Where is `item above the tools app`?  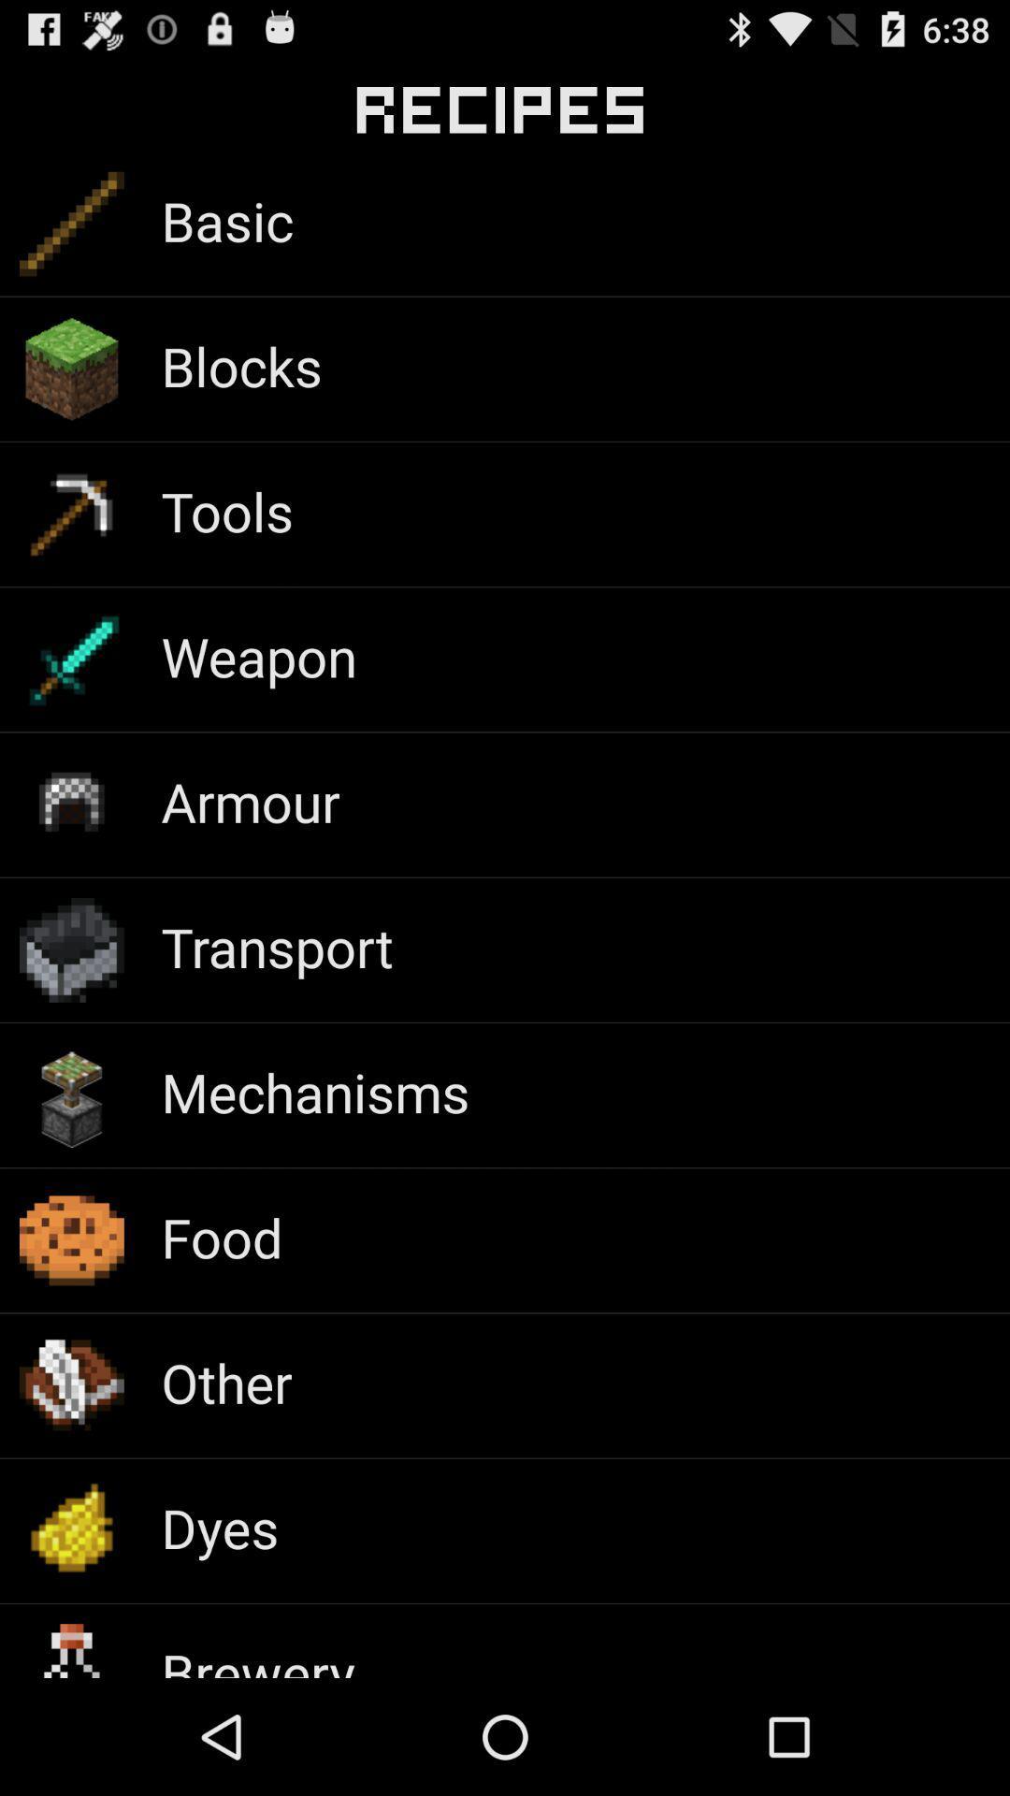 item above the tools app is located at coordinates (240, 366).